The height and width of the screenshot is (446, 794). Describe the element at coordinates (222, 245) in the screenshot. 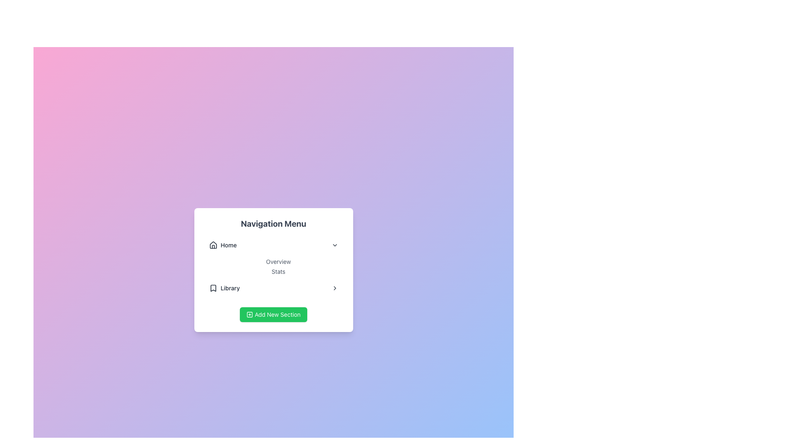

I see `the 'Home' label with the house-shaped icon located in the top-left section of the navigation menu, above the 'Library' entry` at that location.